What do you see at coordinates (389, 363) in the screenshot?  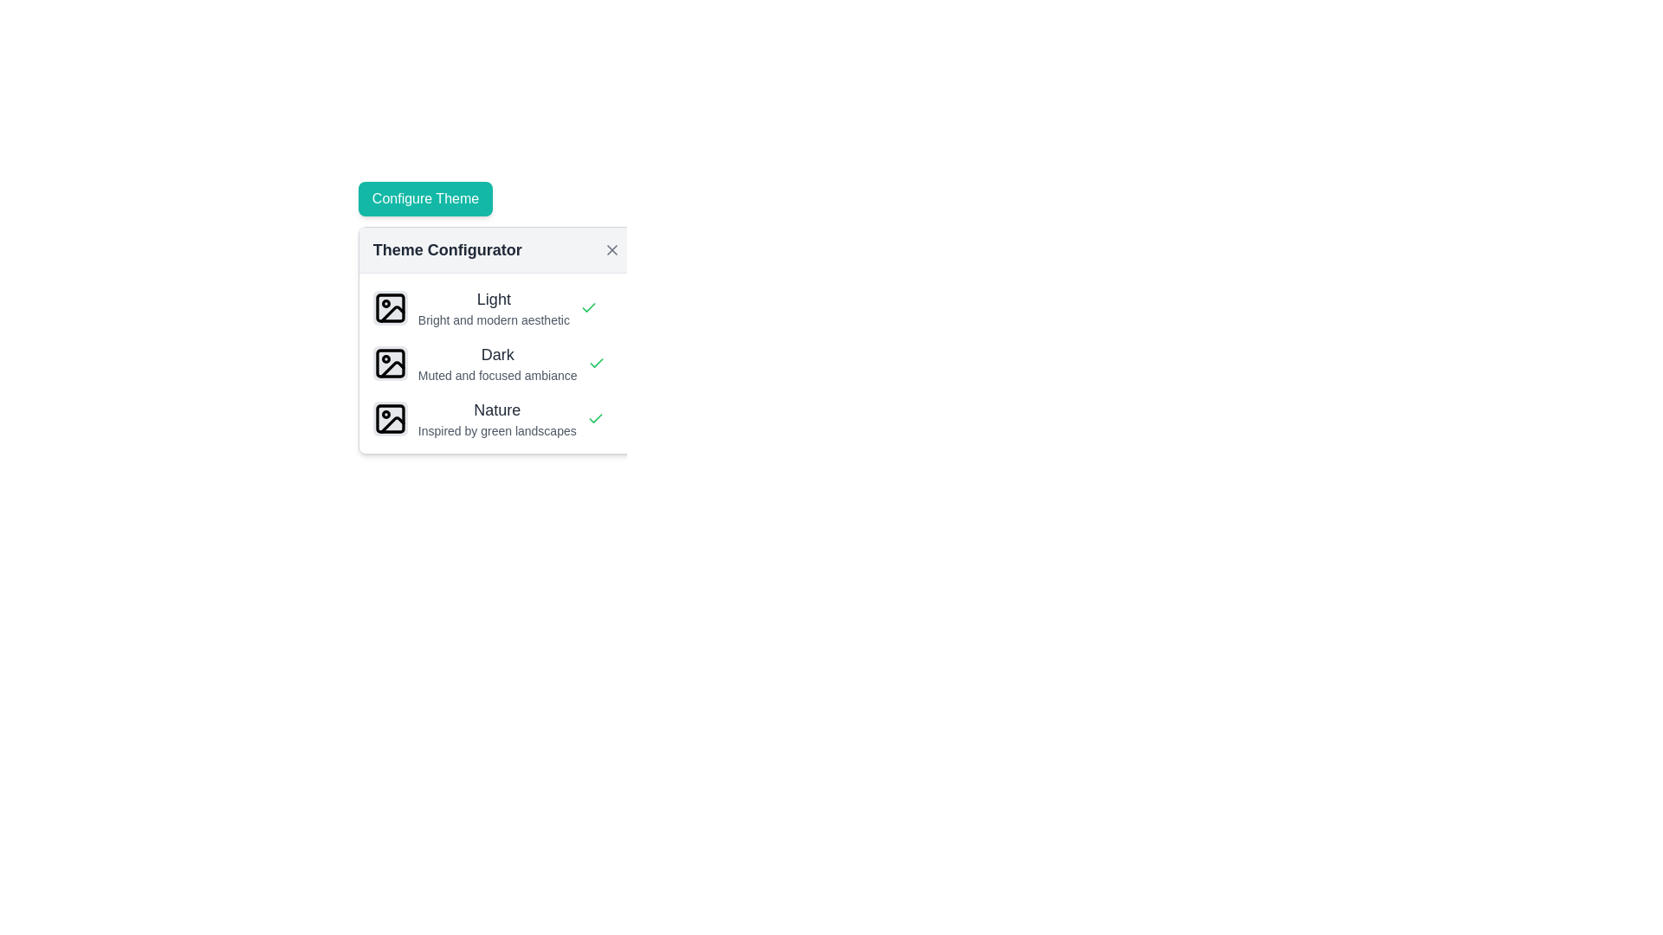 I see `the leftmost icon in the second row of the 'Theme Configurator' interface that represents the 'Dark' theme option` at bounding box center [389, 363].